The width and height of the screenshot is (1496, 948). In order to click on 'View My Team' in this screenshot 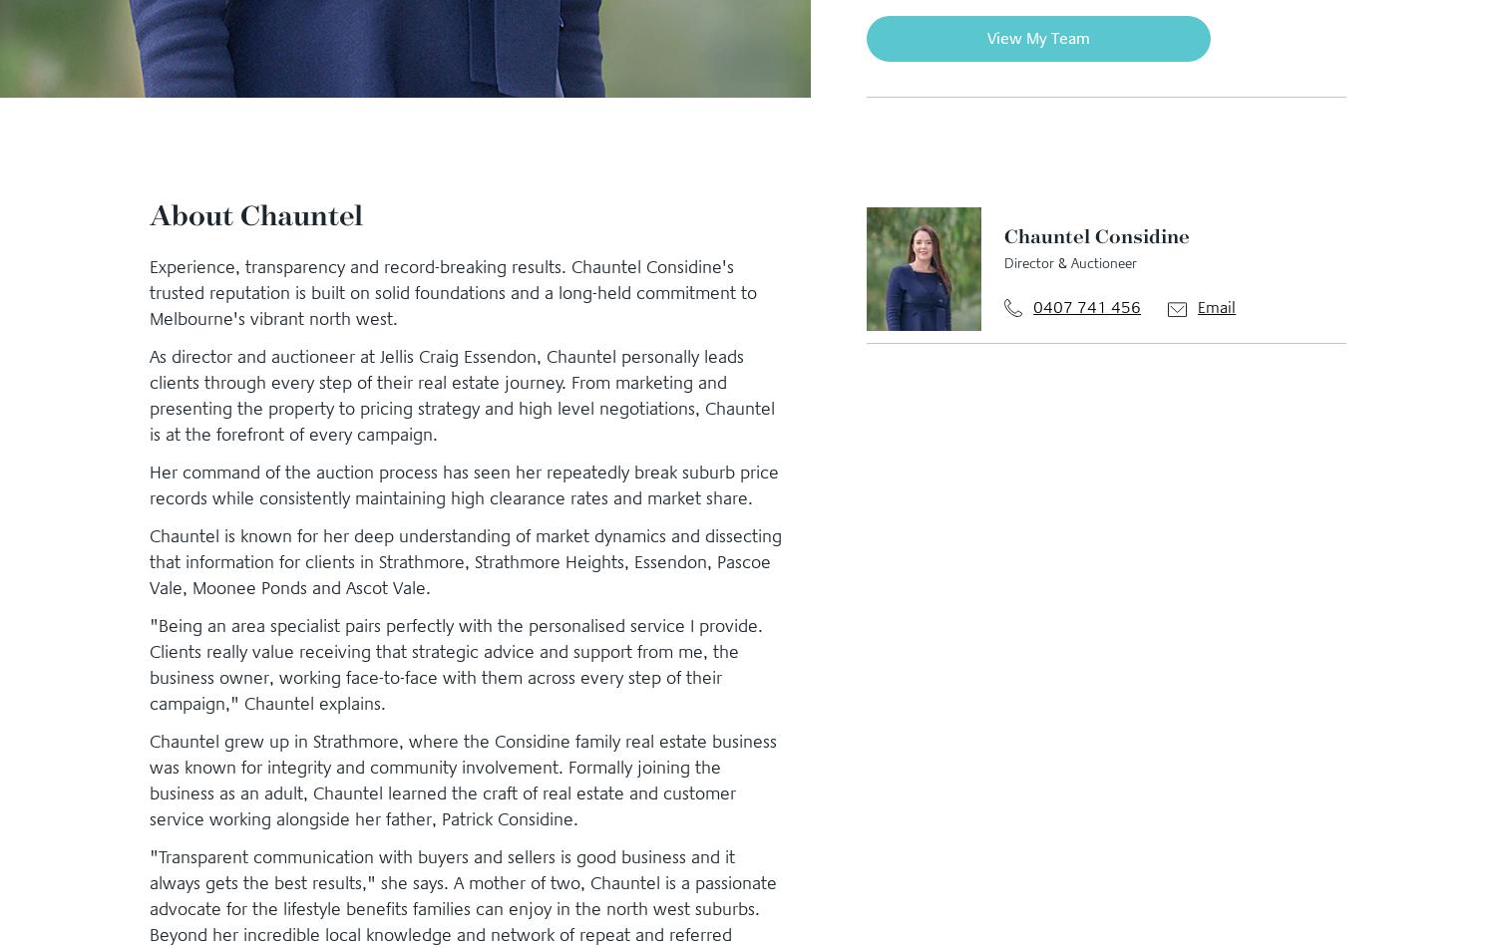, I will do `click(1038, 38)`.